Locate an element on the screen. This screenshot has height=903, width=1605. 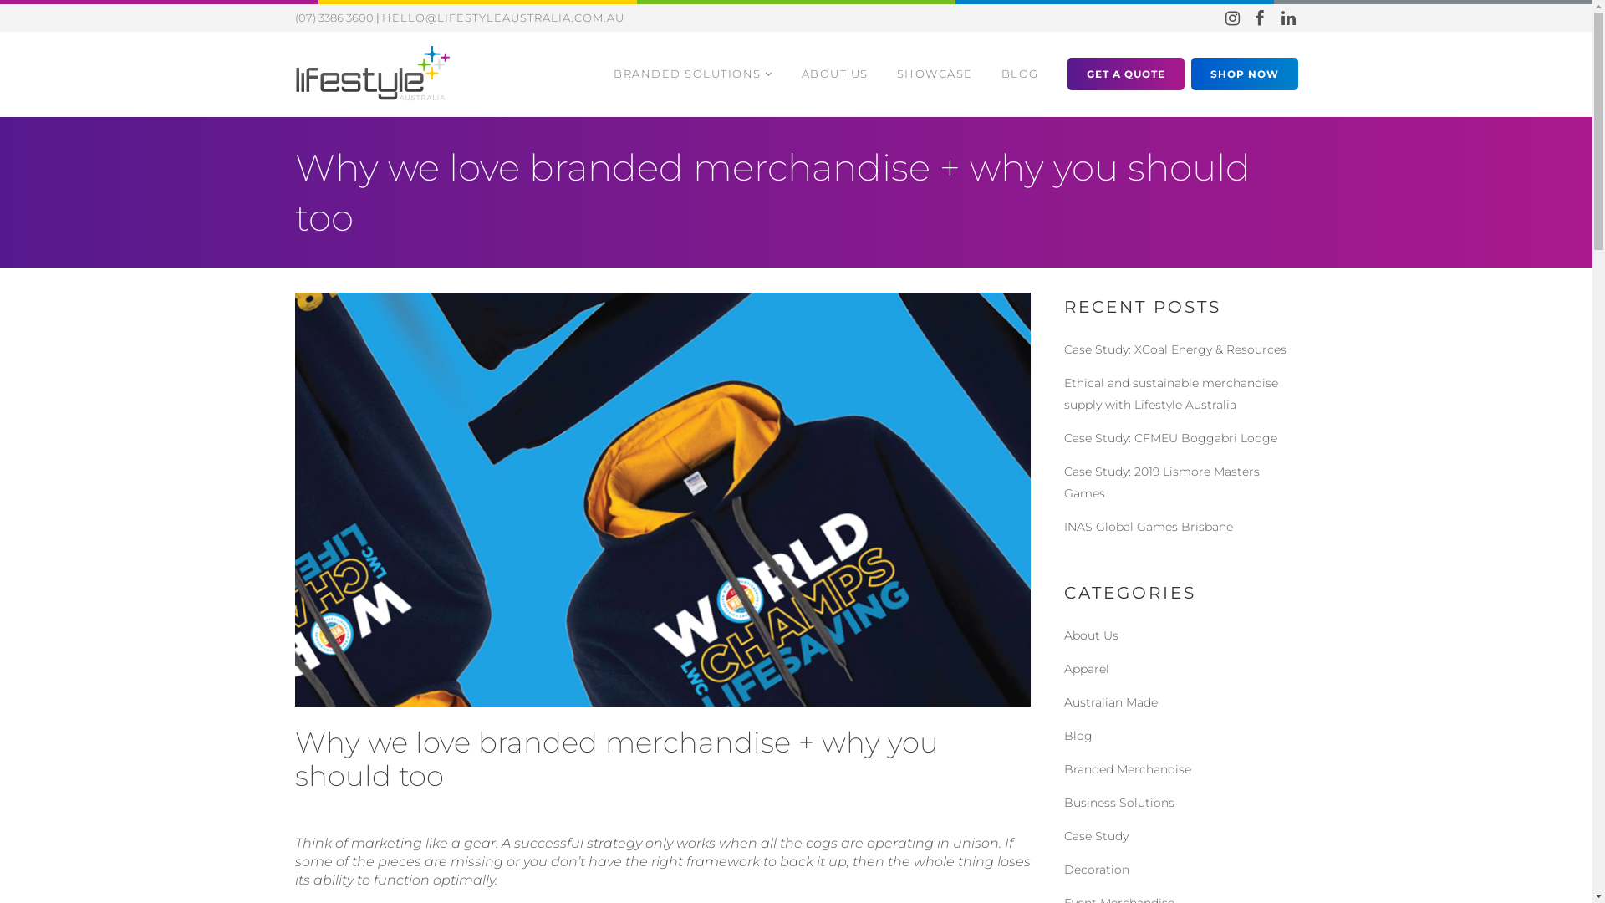
'Business Solutions' is located at coordinates (1118, 802).